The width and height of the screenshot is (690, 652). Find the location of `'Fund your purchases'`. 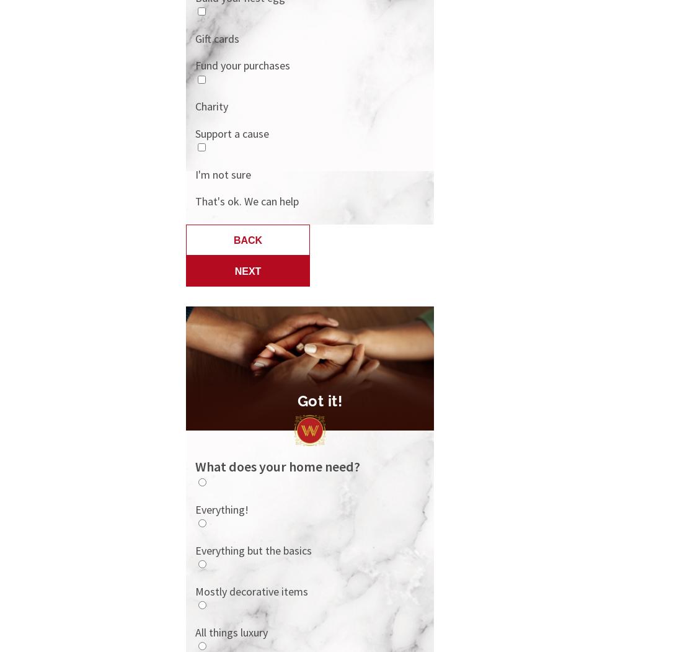

'Fund your purchases' is located at coordinates (242, 65).